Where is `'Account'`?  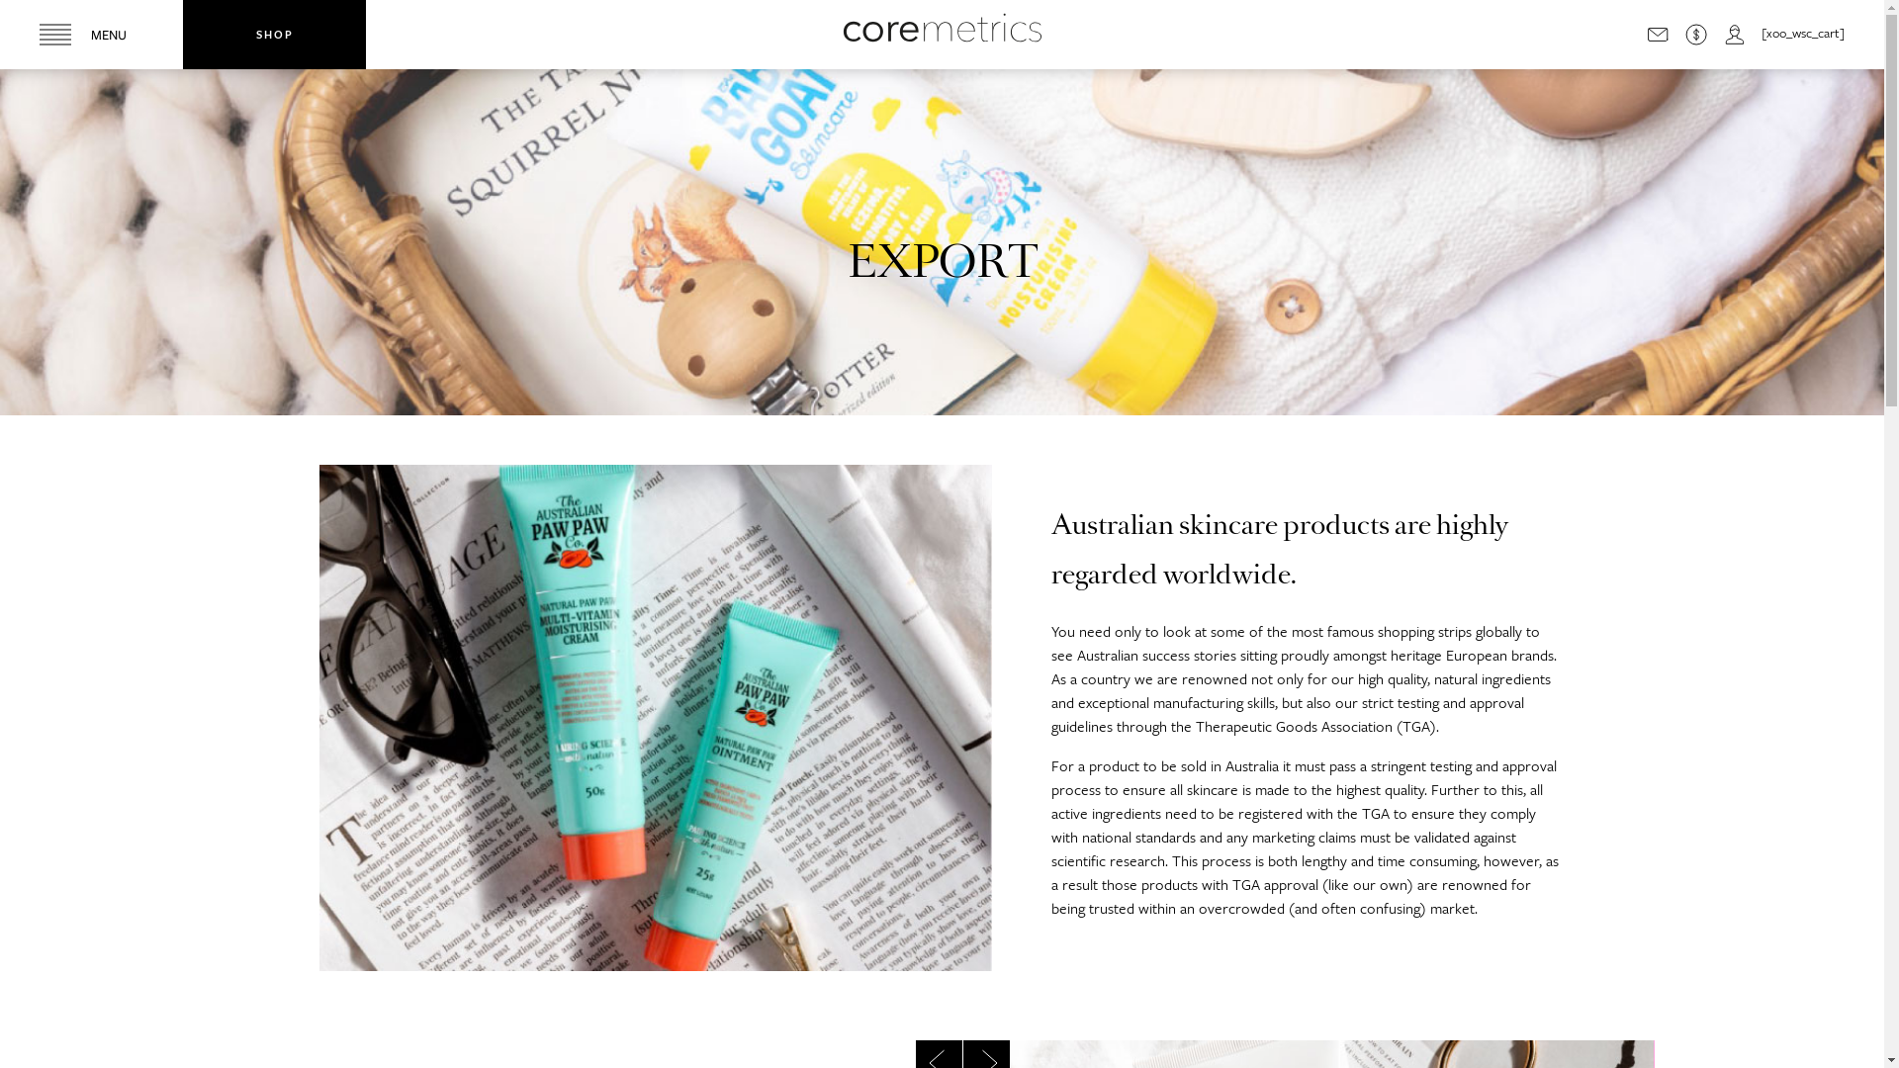
'Account' is located at coordinates (1733, 34).